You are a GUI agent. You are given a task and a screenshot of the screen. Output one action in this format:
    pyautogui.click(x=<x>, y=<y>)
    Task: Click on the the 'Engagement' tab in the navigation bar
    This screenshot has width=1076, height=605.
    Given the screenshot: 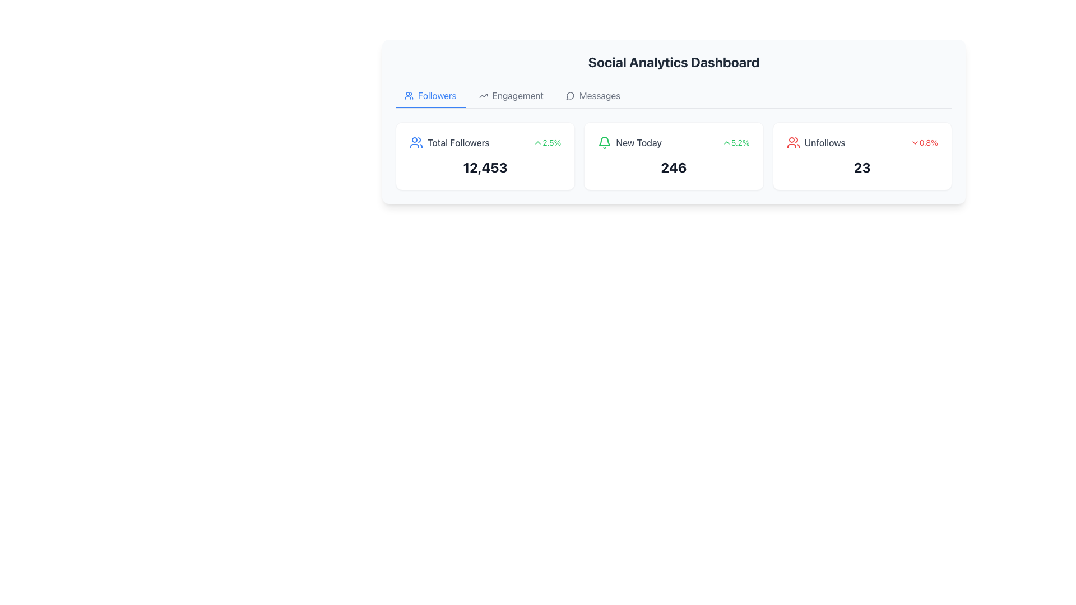 What is the action you would take?
    pyautogui.click(x=517, y=95)
    